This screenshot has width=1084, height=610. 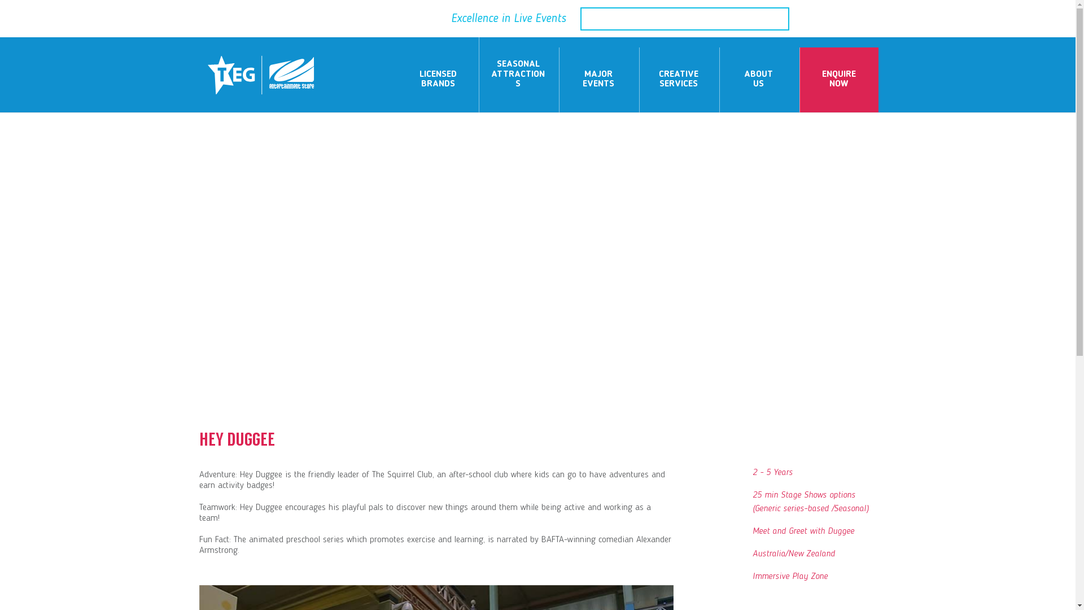 I want to click on 'CREATIVE SERVICES', so click(x=639, y=79).